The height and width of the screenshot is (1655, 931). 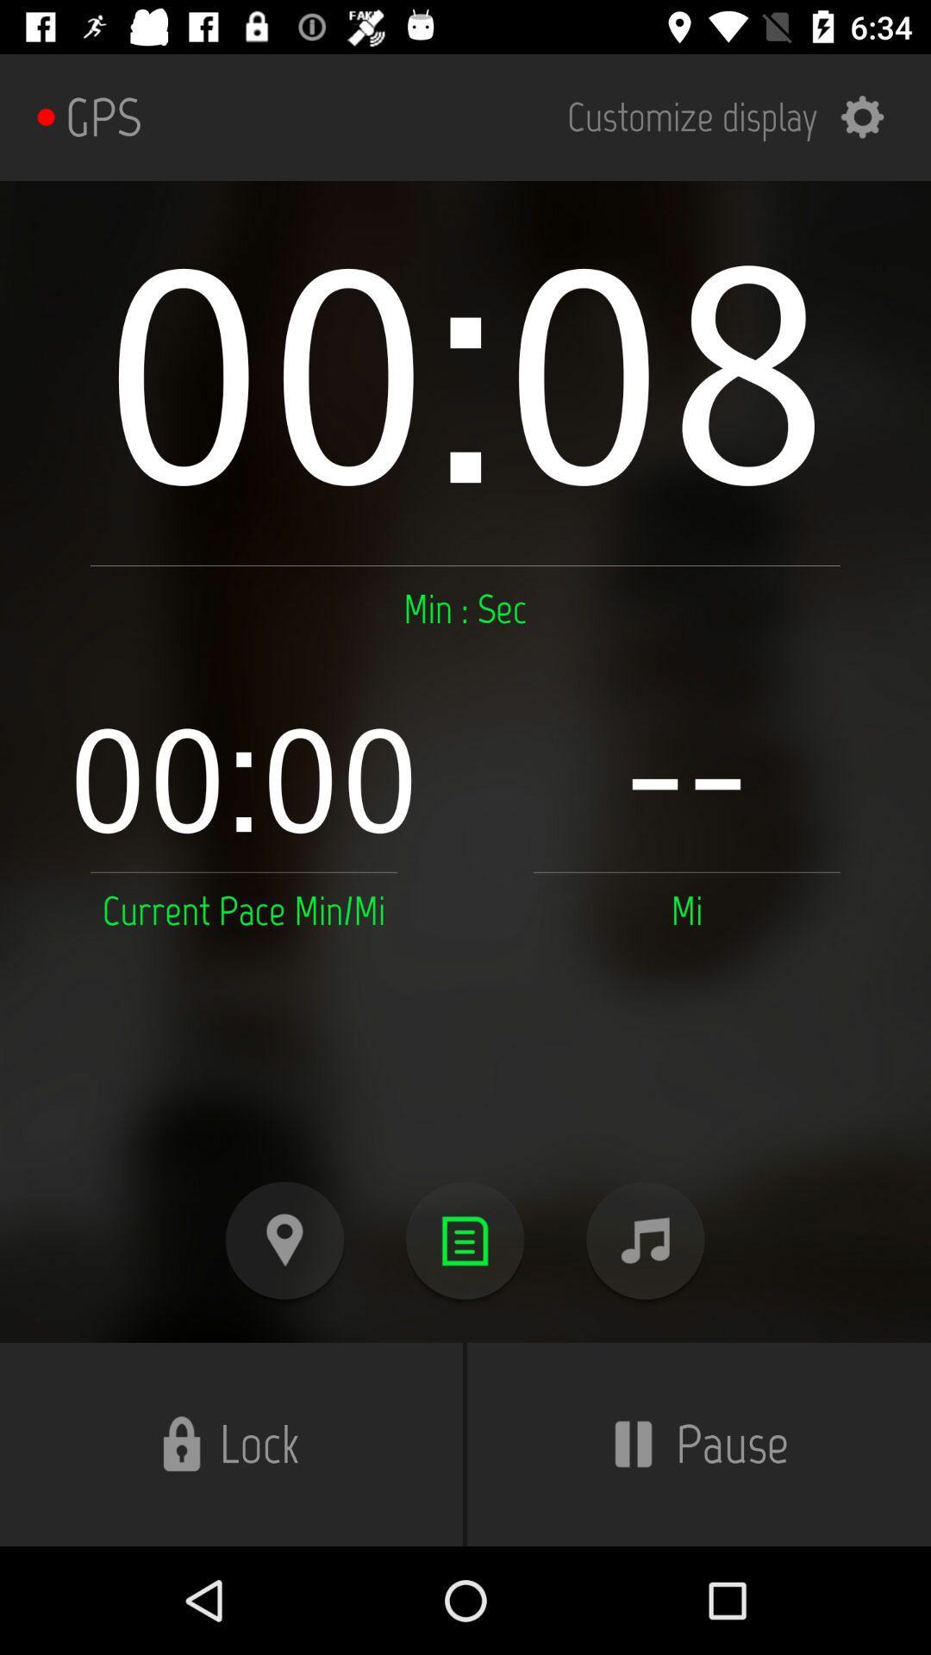 What do you see at coordinates (284, 1240) in the screenshot?
I see `location gps` at bounding box center [284, 1240].